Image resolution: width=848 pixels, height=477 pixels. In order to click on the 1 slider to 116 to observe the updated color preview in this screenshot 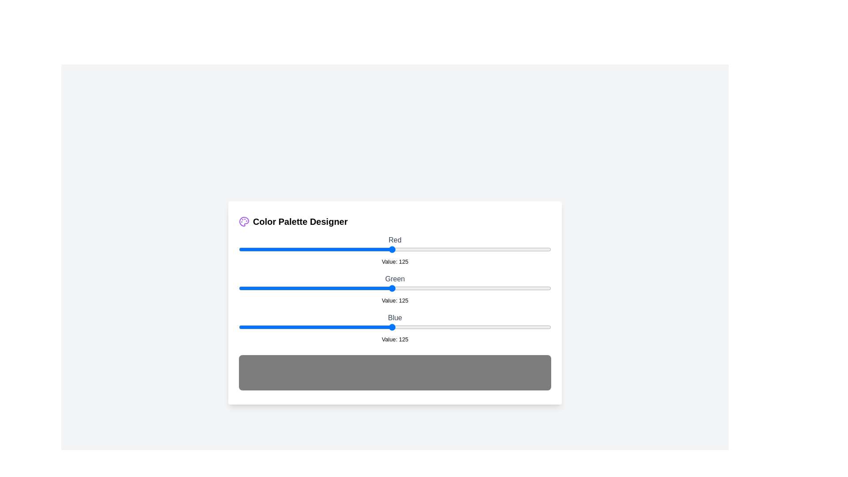, I will do `click(381, 288)`.